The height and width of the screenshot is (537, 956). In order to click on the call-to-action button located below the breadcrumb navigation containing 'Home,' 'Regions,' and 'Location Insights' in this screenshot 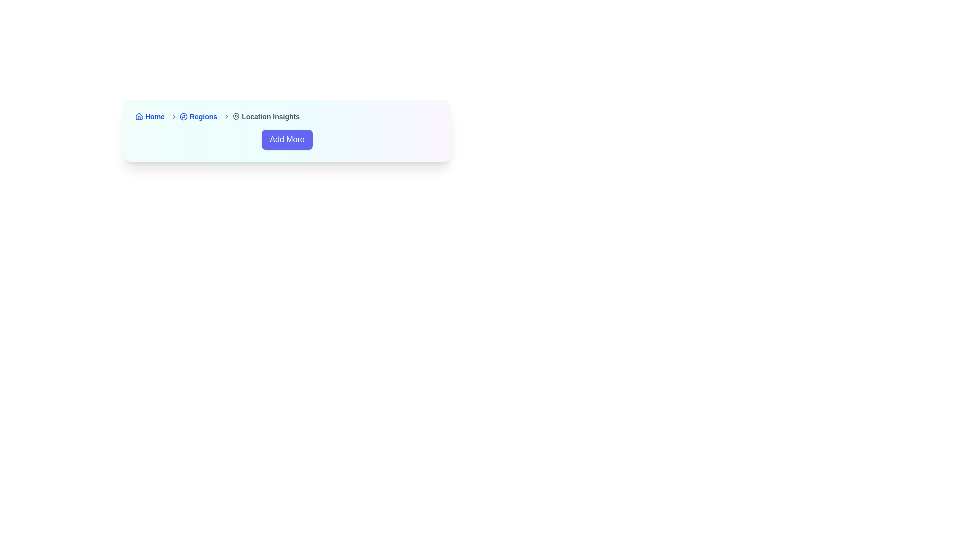, I will do `click(286, 130)`.